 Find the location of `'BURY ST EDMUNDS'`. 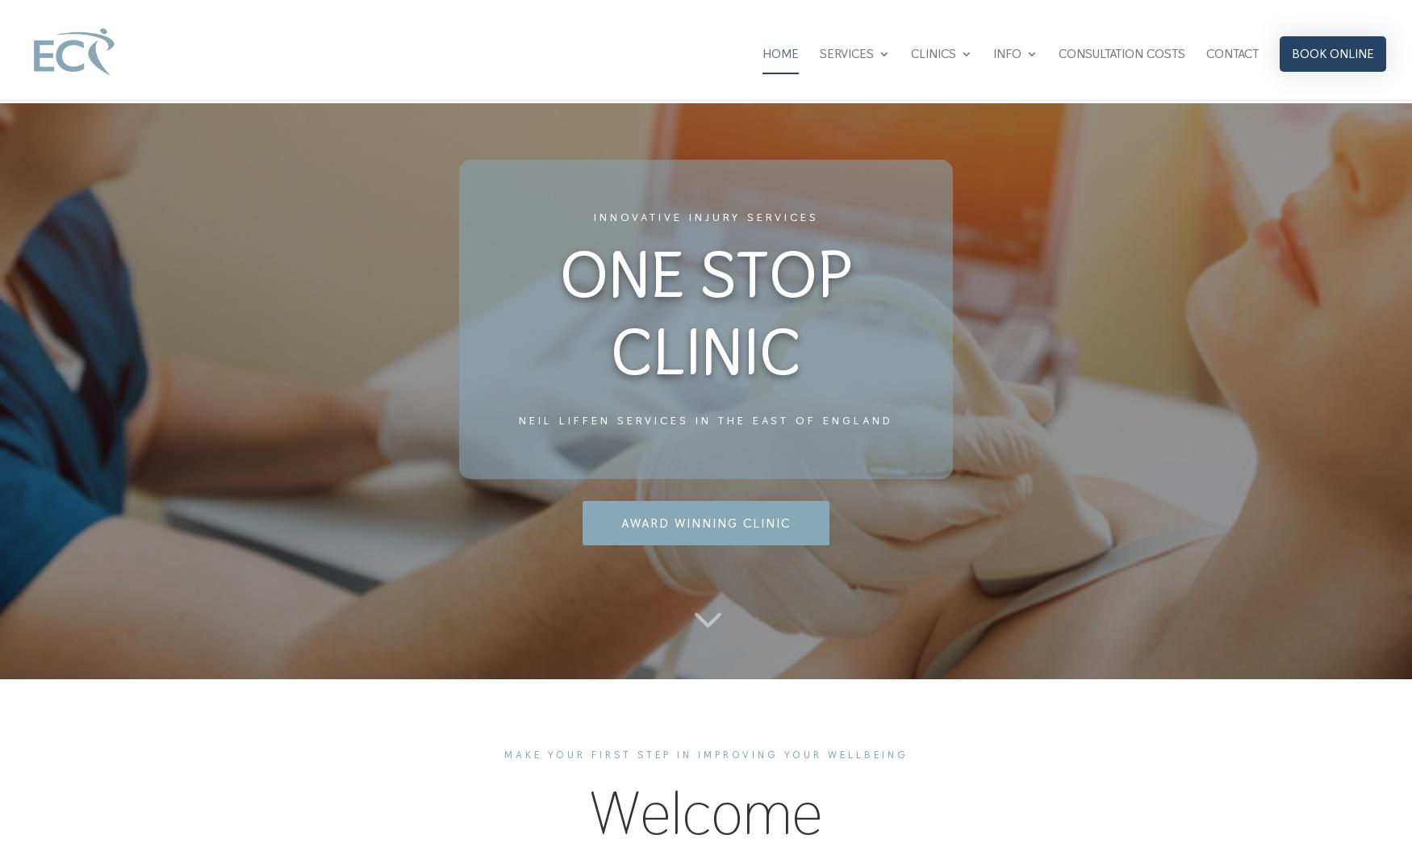

'BURY ST EDMUNDS' is located at coordinates (997, 267).